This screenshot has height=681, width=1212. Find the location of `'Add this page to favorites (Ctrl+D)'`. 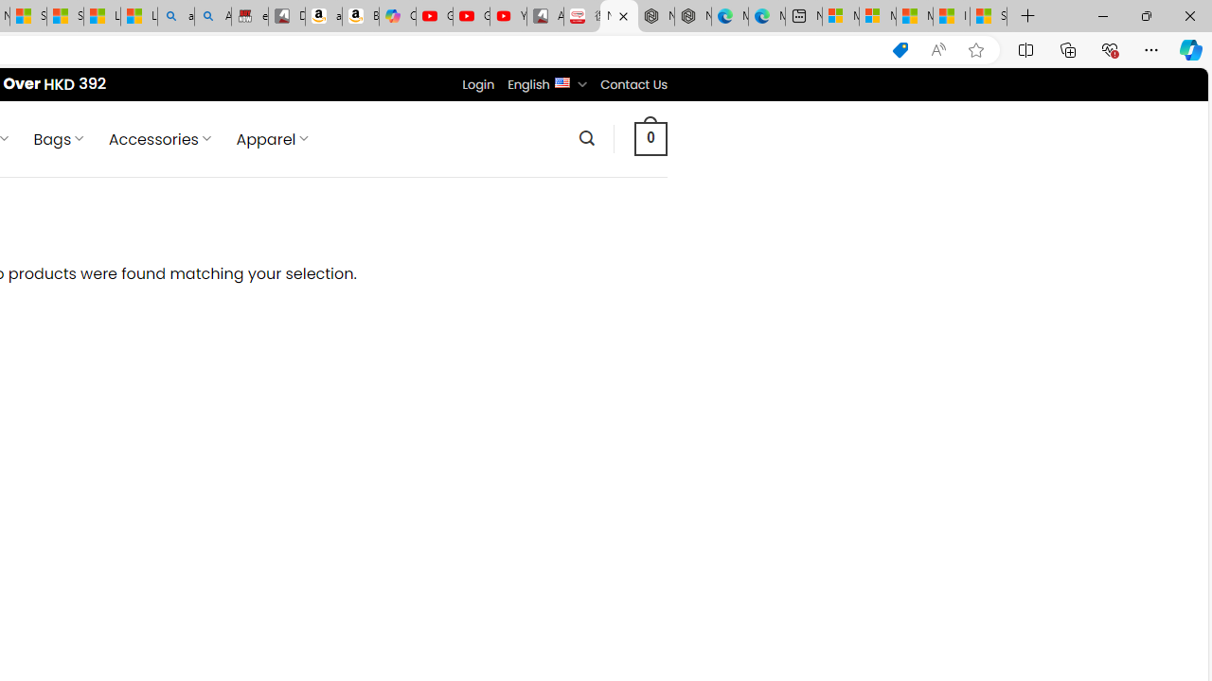

'Add this page to favorites (Ctrl+D)' is located at coordinates (976, 49).